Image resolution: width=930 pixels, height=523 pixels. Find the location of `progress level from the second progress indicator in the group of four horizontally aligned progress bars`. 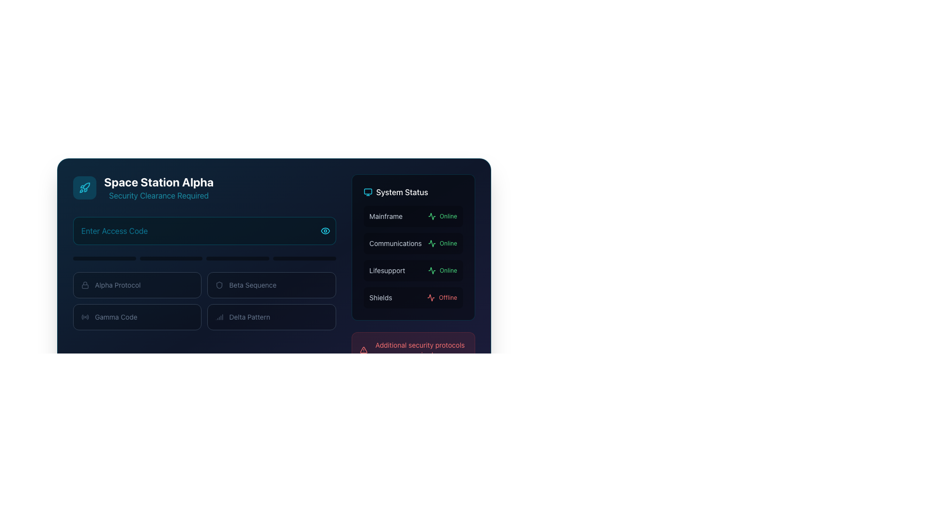

progress level from the second progress indicator in the group of four horizontally aligned progress bars is located at coordinates (171, 258).